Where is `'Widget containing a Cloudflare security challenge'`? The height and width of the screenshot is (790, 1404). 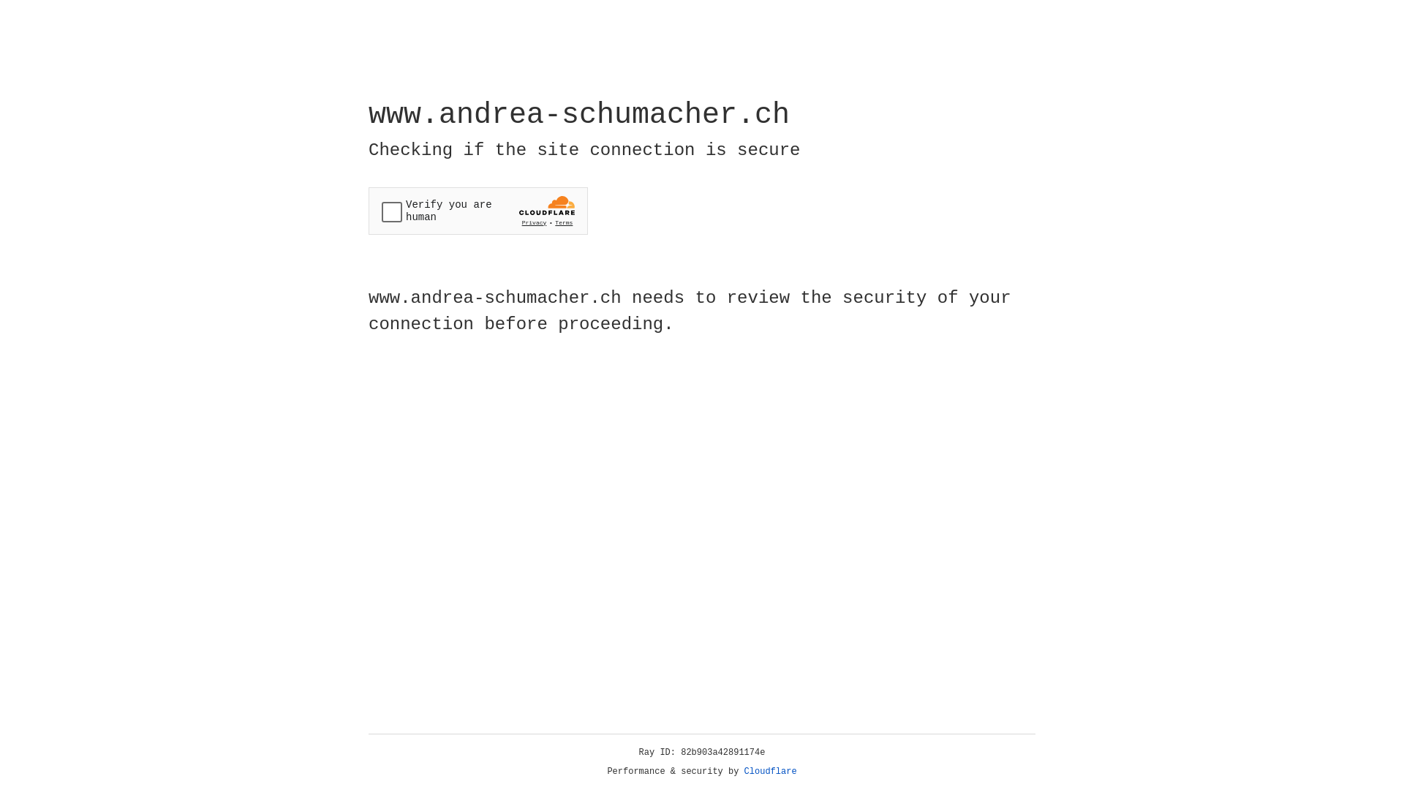
'Widget containing a Cloudflare security challenge' is located at coordinates (478, 211).